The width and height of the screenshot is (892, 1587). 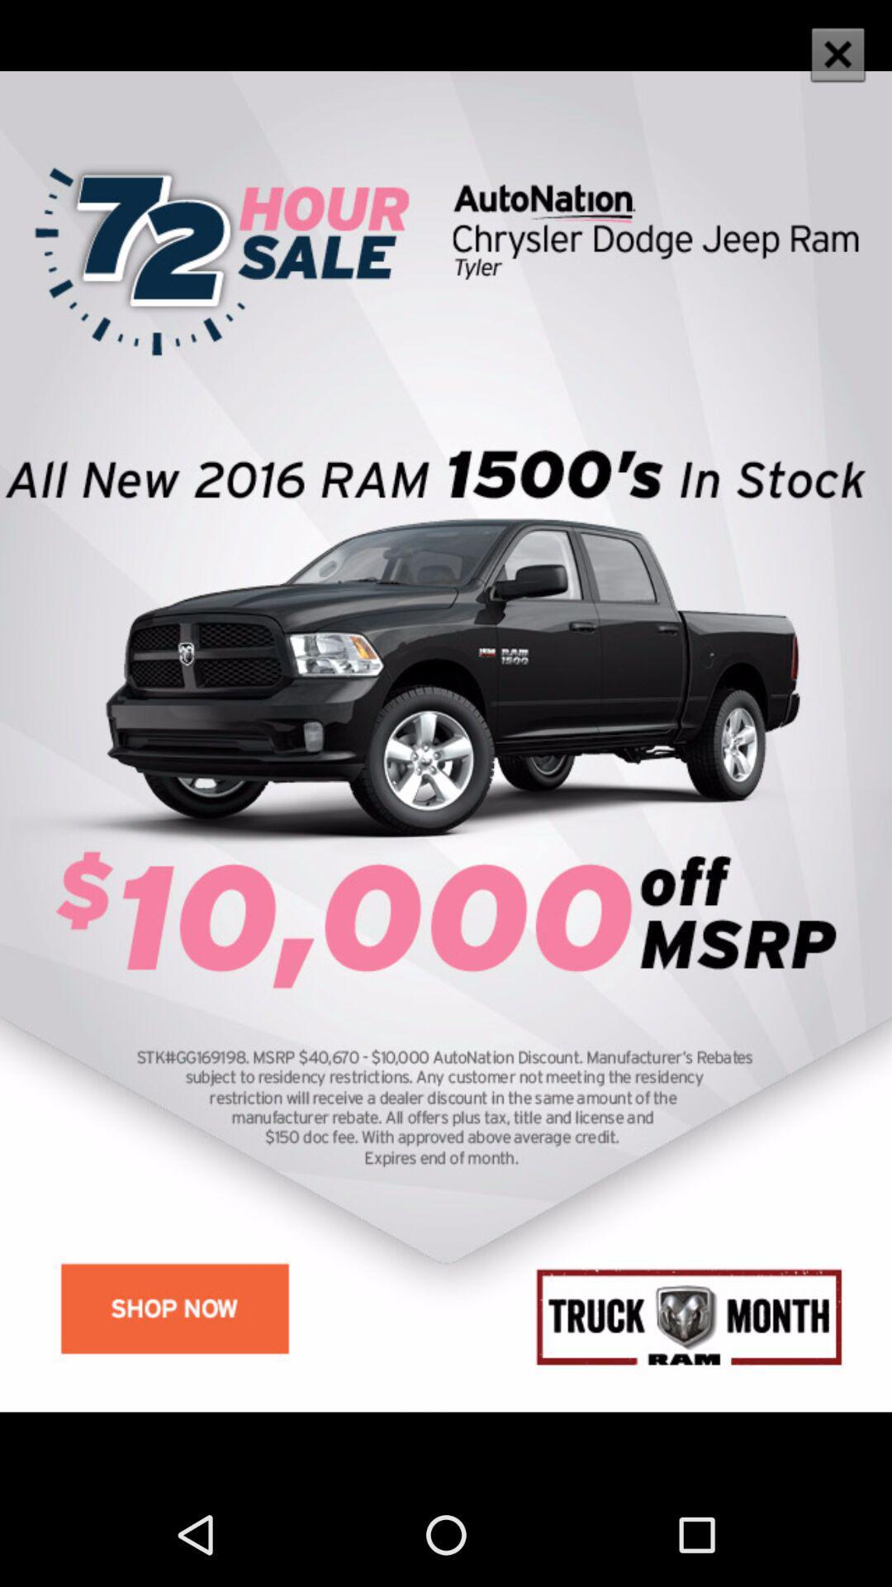 What do you see at coordinates (837, 58) in the screenshot?
I see `the close icon` at bounding box center [837, 58].